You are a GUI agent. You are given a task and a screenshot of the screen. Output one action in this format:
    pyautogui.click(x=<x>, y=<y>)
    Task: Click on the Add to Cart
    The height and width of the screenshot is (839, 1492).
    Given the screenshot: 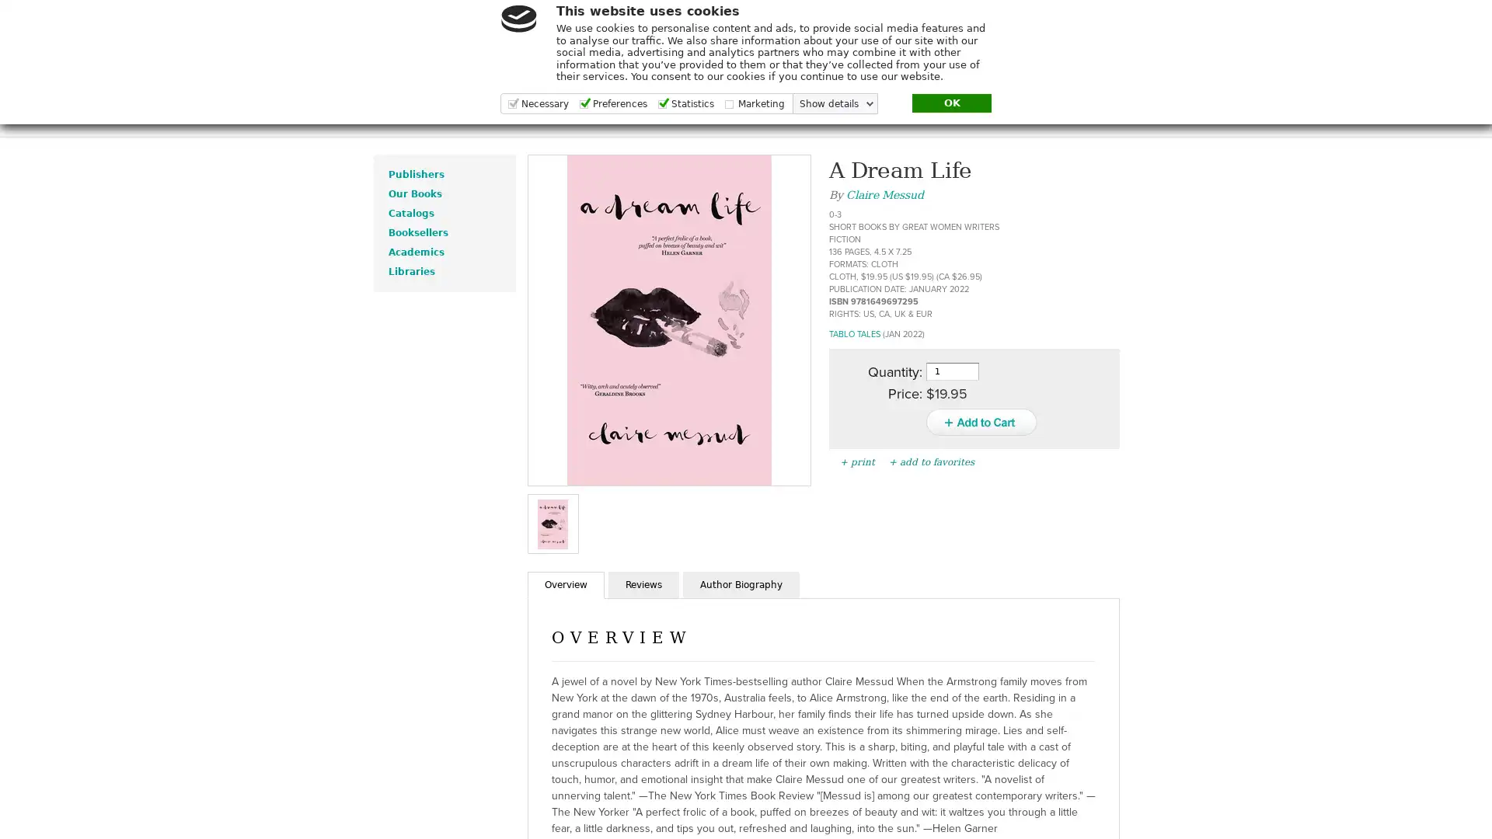 What is the action you would take?
    pyautogui.click(x=980, y=422)
    